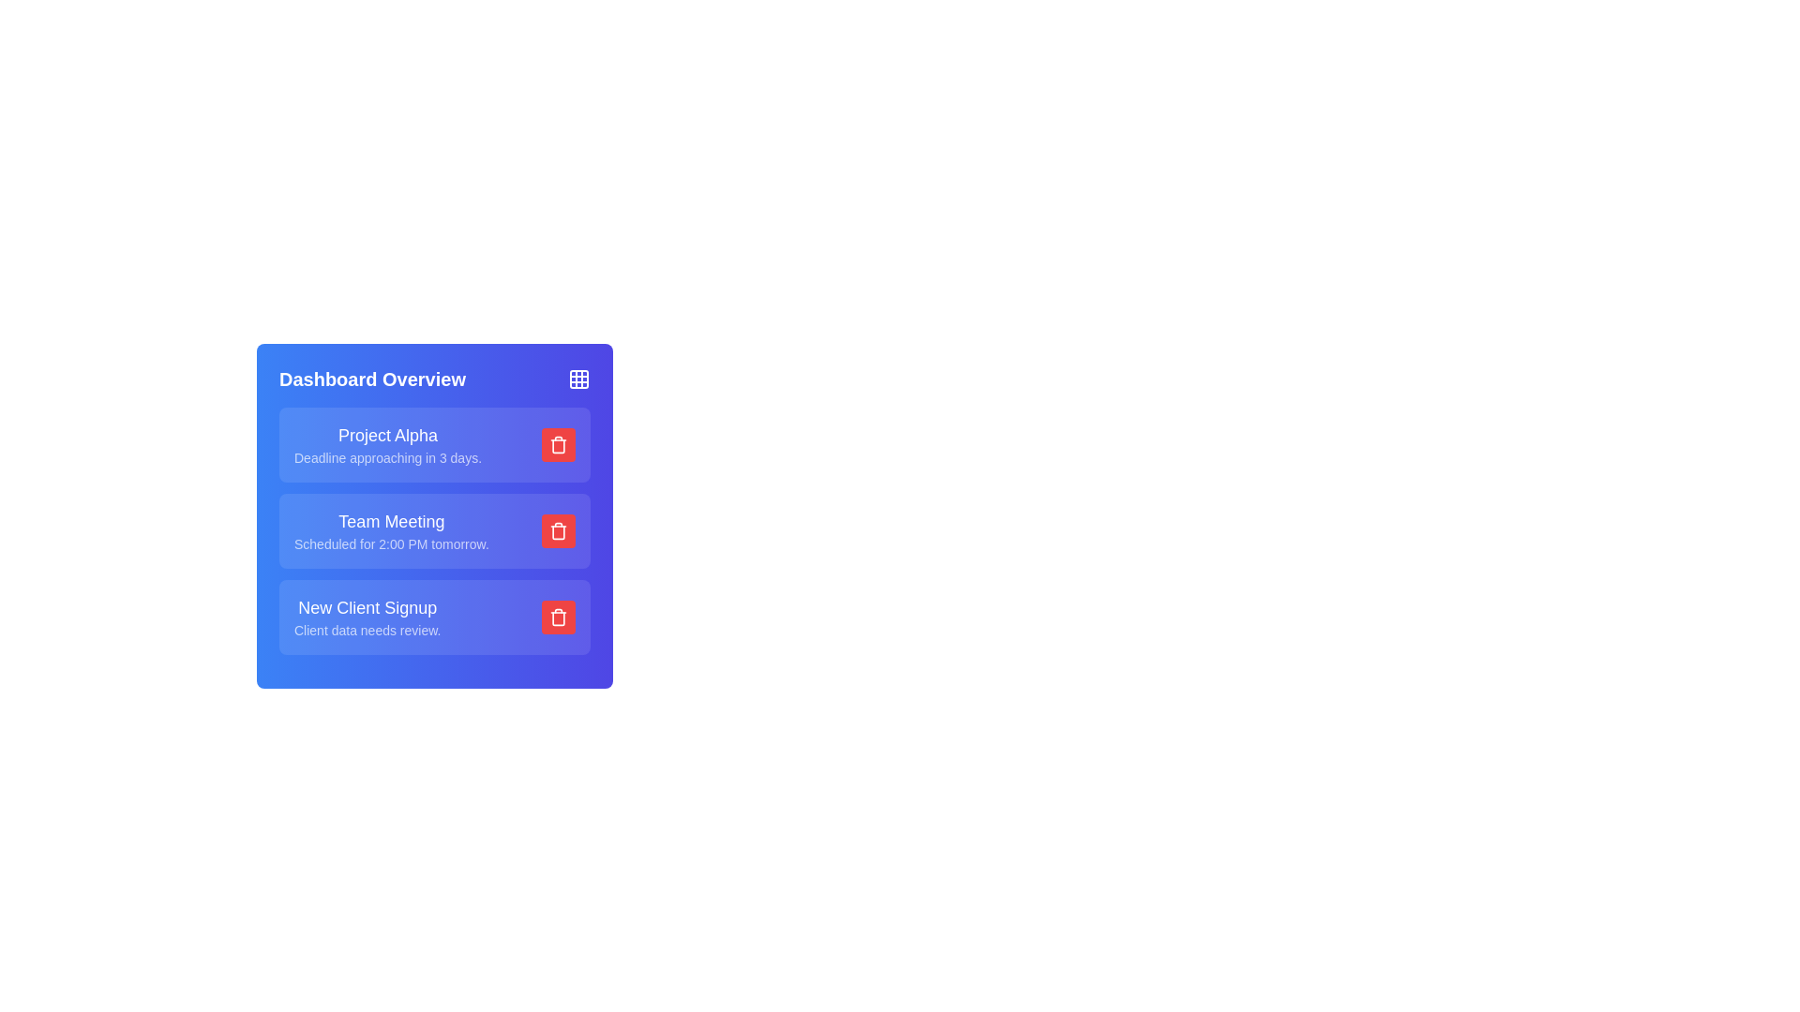  Describe the element at coordinates (557, 618) in the screenshot. I see `the trash icon within the red button on the right-hand side of the 'New Client Signup' card` at that location.